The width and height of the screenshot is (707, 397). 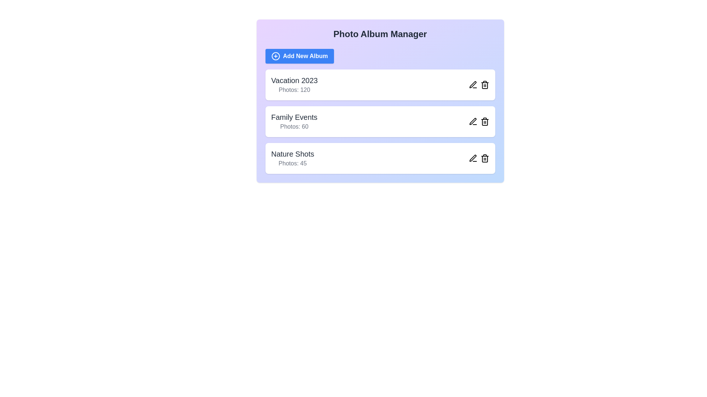 I want to click on the 'Add New Album' button, so click(x=299, y=56).